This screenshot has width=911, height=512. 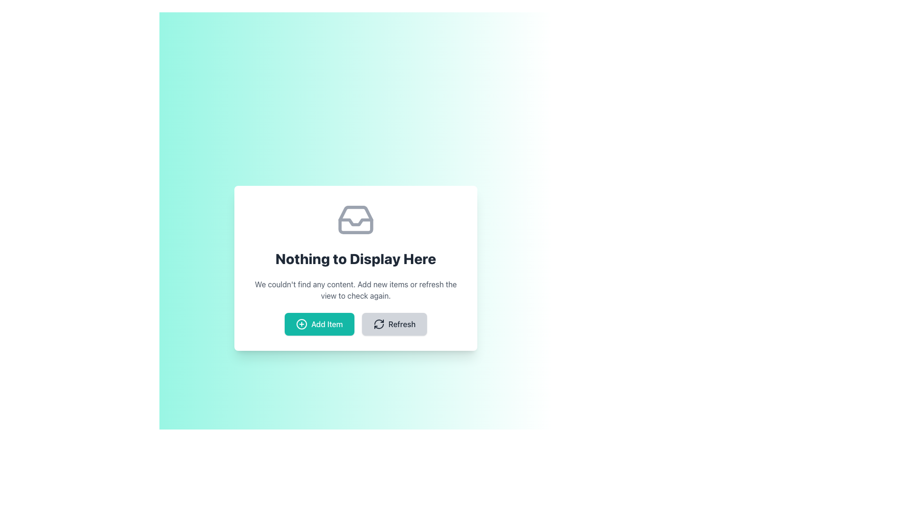 What do you see at coordinates (319, 323) in the screenshot?
I see `the 'Add Item' button, which is a teal rectangular button with white text and a plus icon, located centrally below the title 'Nothing` at bounding box center [319, 323].